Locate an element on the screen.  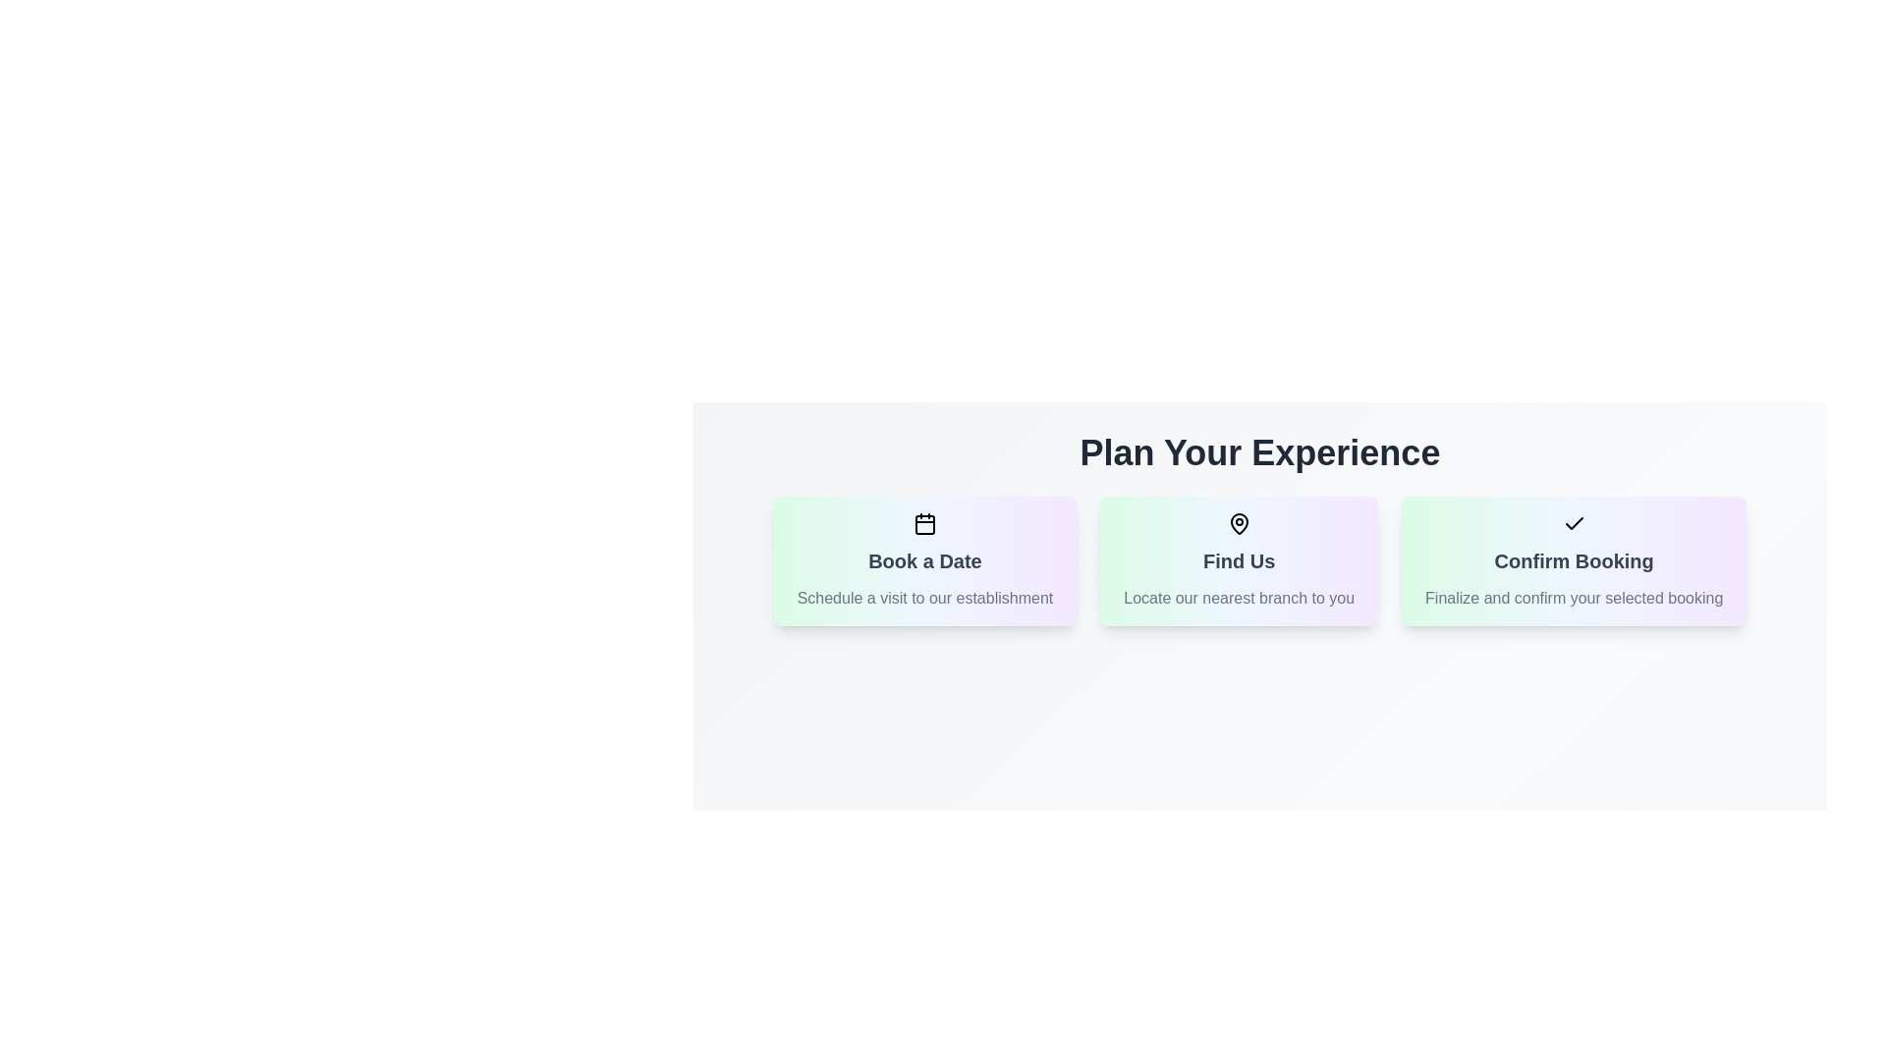
the descriptive text label located in the leftmost card below 'Book a Date' is located at coordinates (923, 597).